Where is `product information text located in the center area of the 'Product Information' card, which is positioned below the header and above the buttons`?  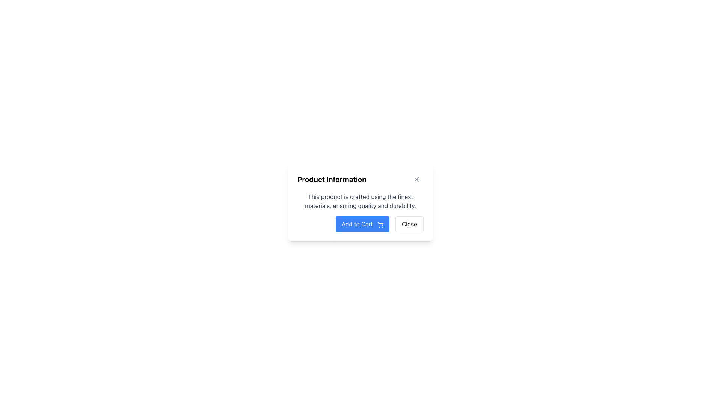
product information text located in the center area of the 'Product Information' card, which is positioned below the header and above the buttons is located at coordinates (360, 201).